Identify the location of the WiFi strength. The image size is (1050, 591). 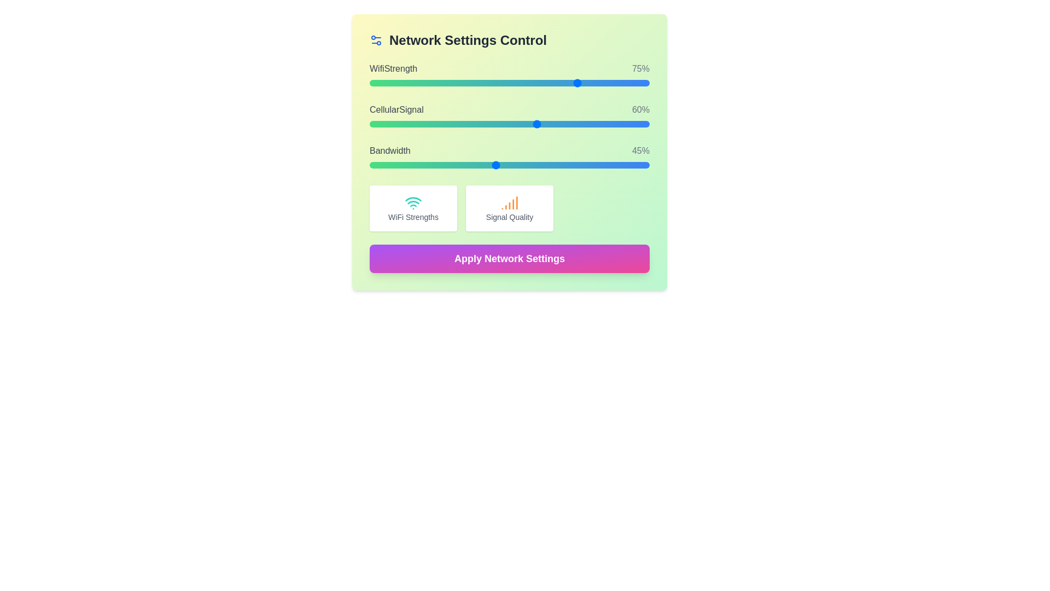
(554, 82).